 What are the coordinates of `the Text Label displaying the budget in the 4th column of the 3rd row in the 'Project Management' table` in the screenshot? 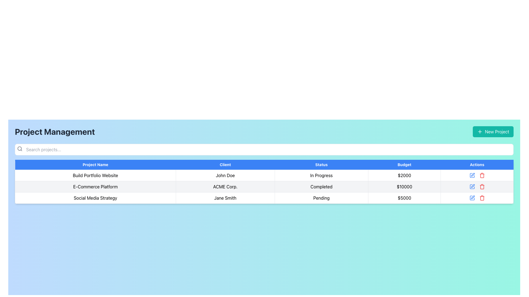 It's located at (404, 198).